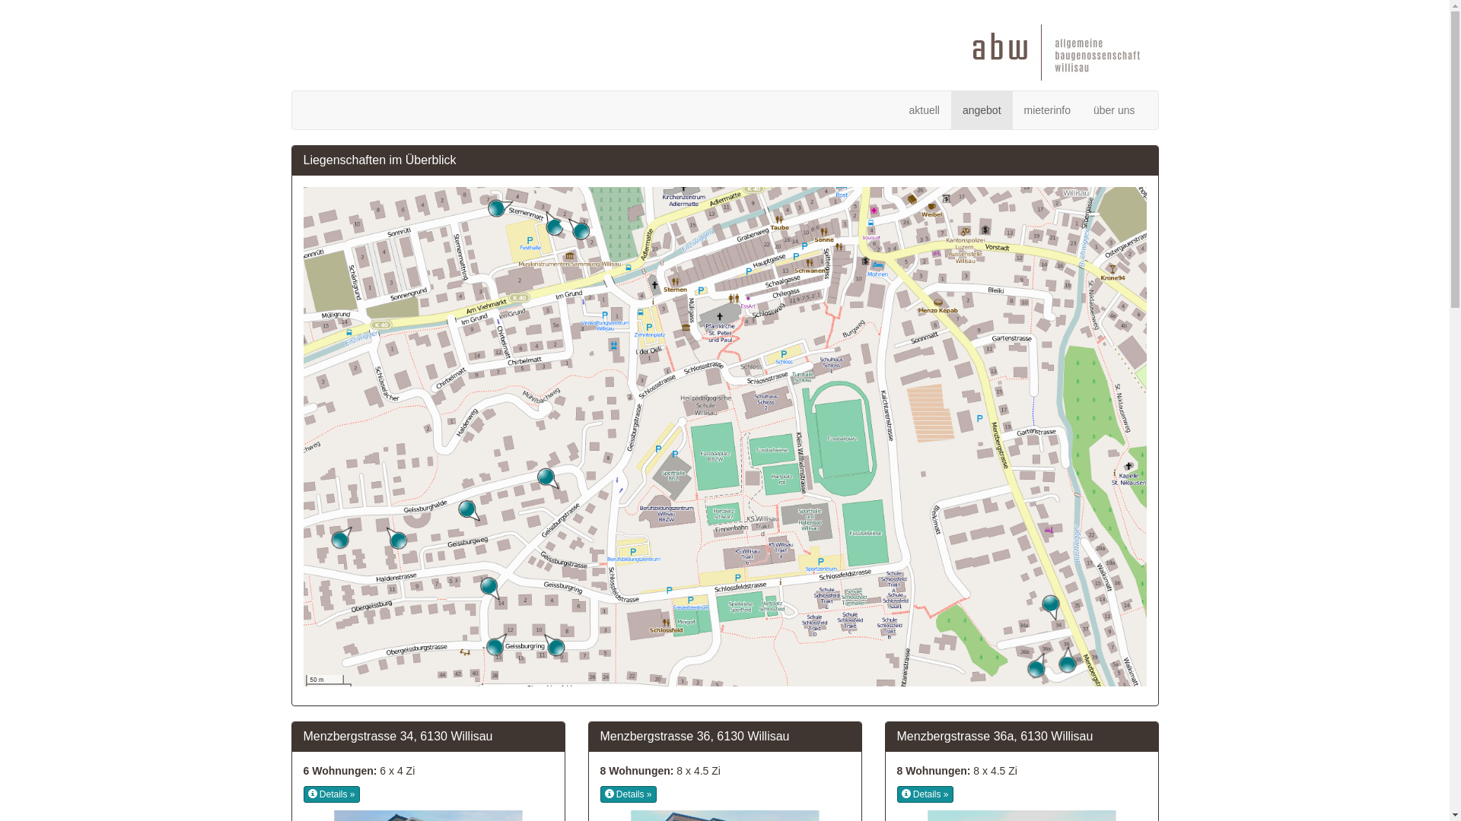 The width and height of the screenshot is (1461, 821). Describe the element at coordinates (923, 109) in the screenshot. I see `'aktuell'` at that location.